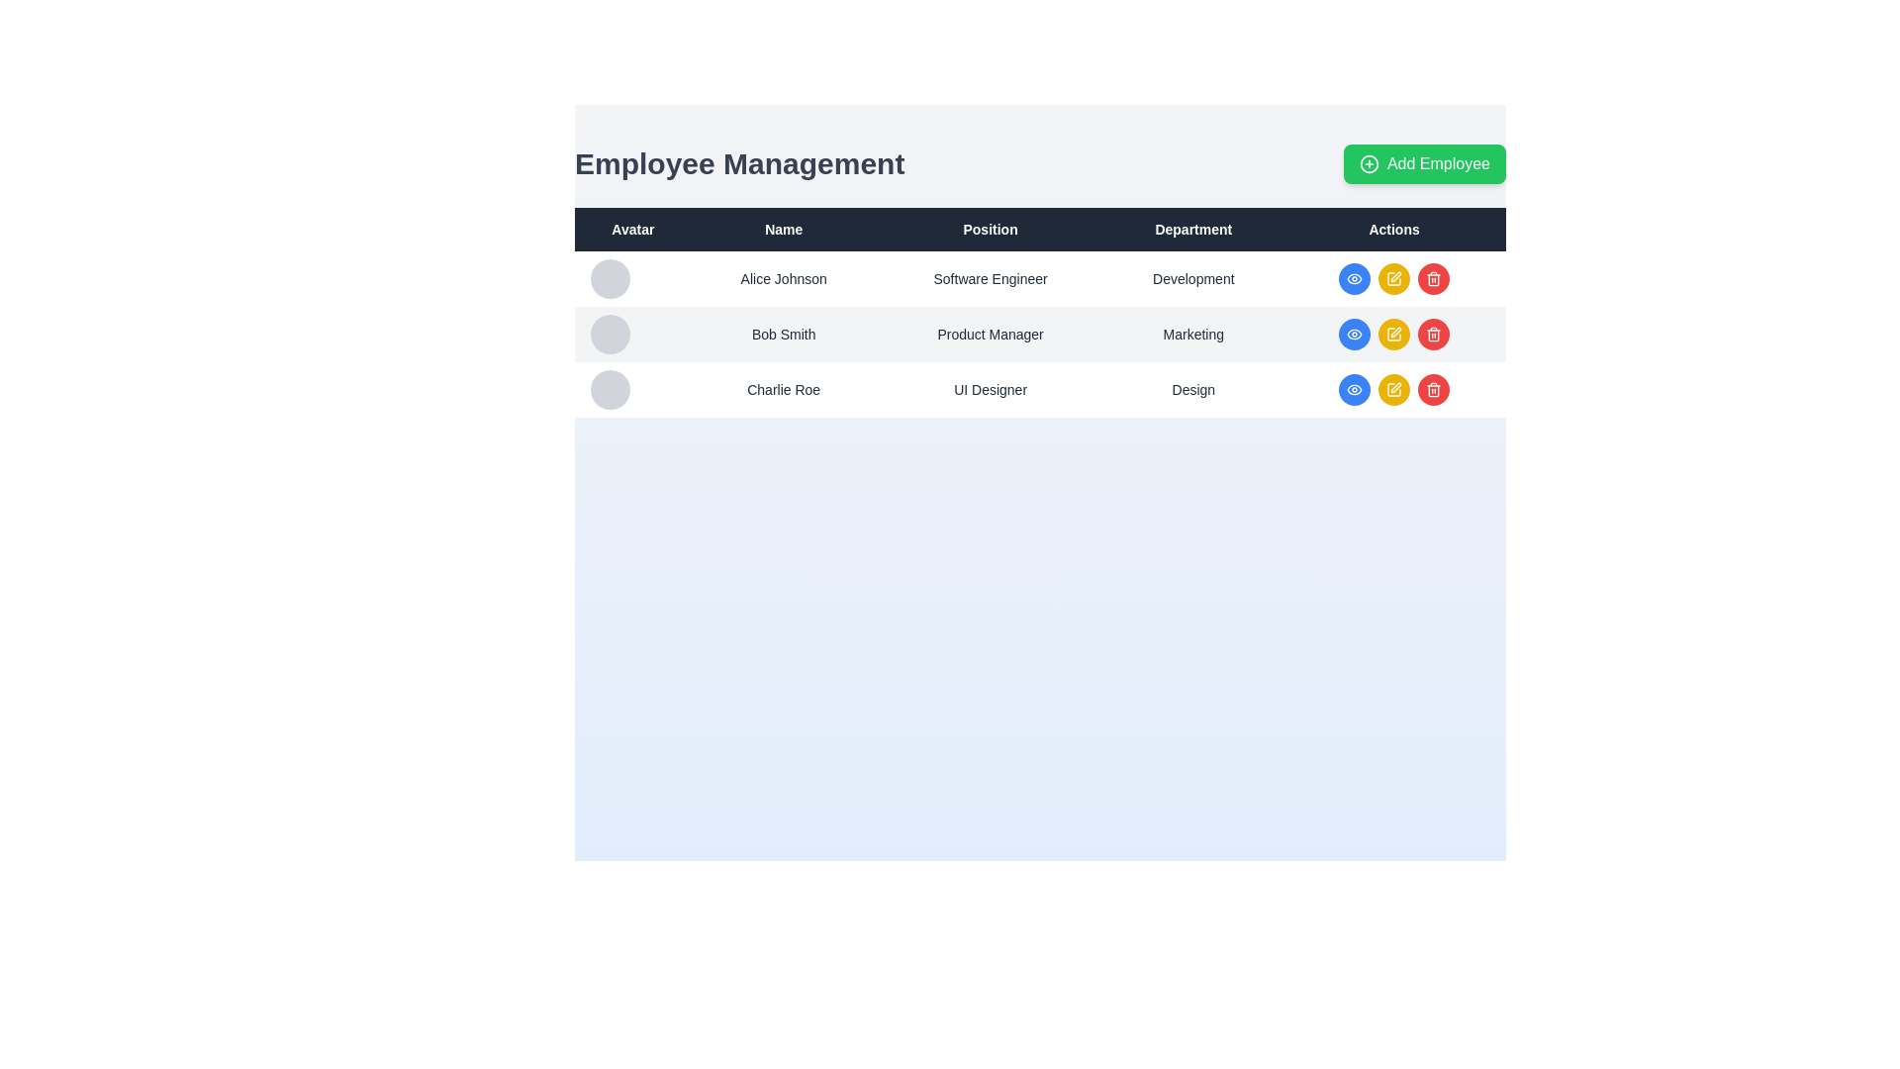  What do you see at coordinates (991, 278) in the screenshot?
I see `the 'Software Engineer' text label located in the 'Position' column of Alice Johnson's row in the employee table` at bounding box center [991, 278].